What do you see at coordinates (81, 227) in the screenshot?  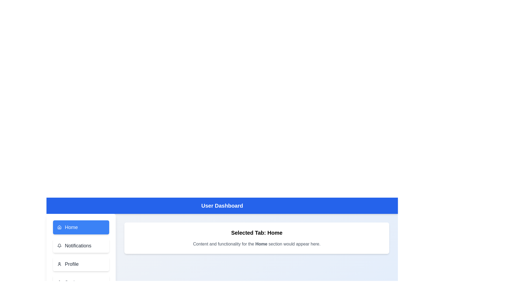 I see `the navigation button labeled Home` at bounding box center [81, 227].